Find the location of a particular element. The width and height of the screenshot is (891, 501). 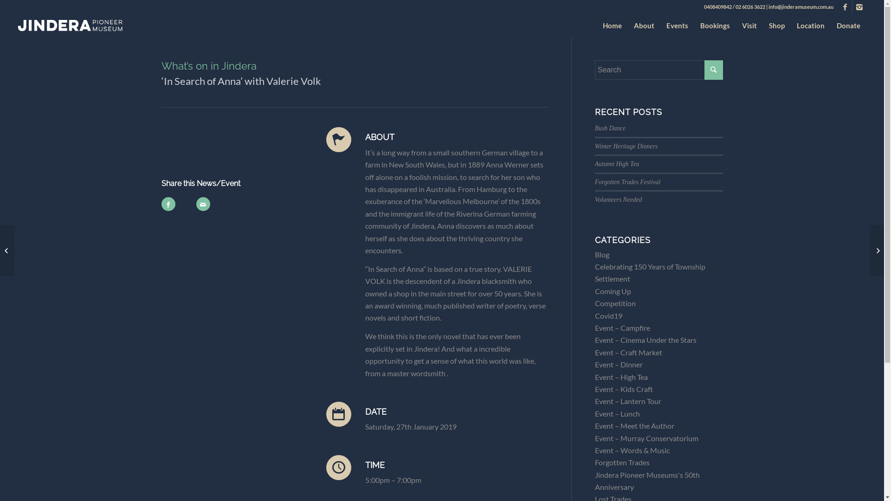

'Location' is located at coordinates (810, 25).